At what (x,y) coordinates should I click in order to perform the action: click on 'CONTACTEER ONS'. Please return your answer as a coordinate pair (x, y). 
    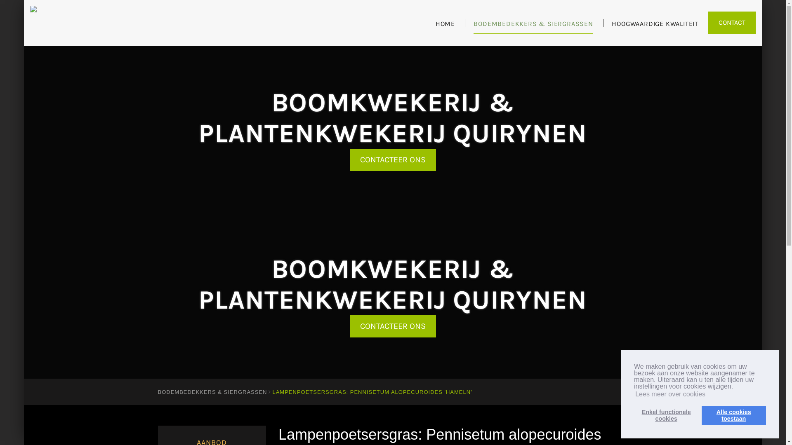
    Looking at the image, I should click on (392, 326).